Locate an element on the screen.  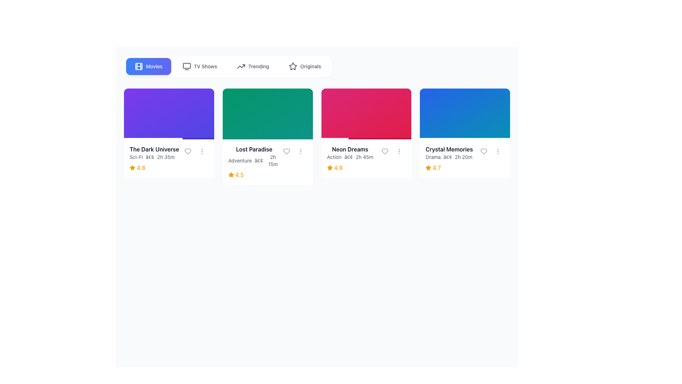
the numerical rating text label displaying '4.8', styled in amber color and positioned to the right of the star icon in the movie card's rating component is located at coordinates (141, 167).